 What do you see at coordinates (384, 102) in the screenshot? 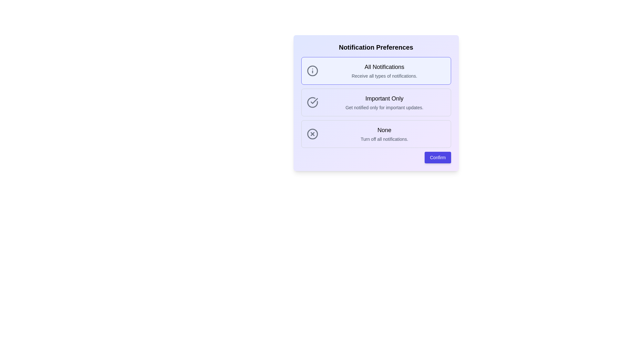
I see `'Important Only' text label, which is the second option in the vertical list of notification preferences, positioned between 'All Notifications' and 'None'` at bounding box center [384, 102].